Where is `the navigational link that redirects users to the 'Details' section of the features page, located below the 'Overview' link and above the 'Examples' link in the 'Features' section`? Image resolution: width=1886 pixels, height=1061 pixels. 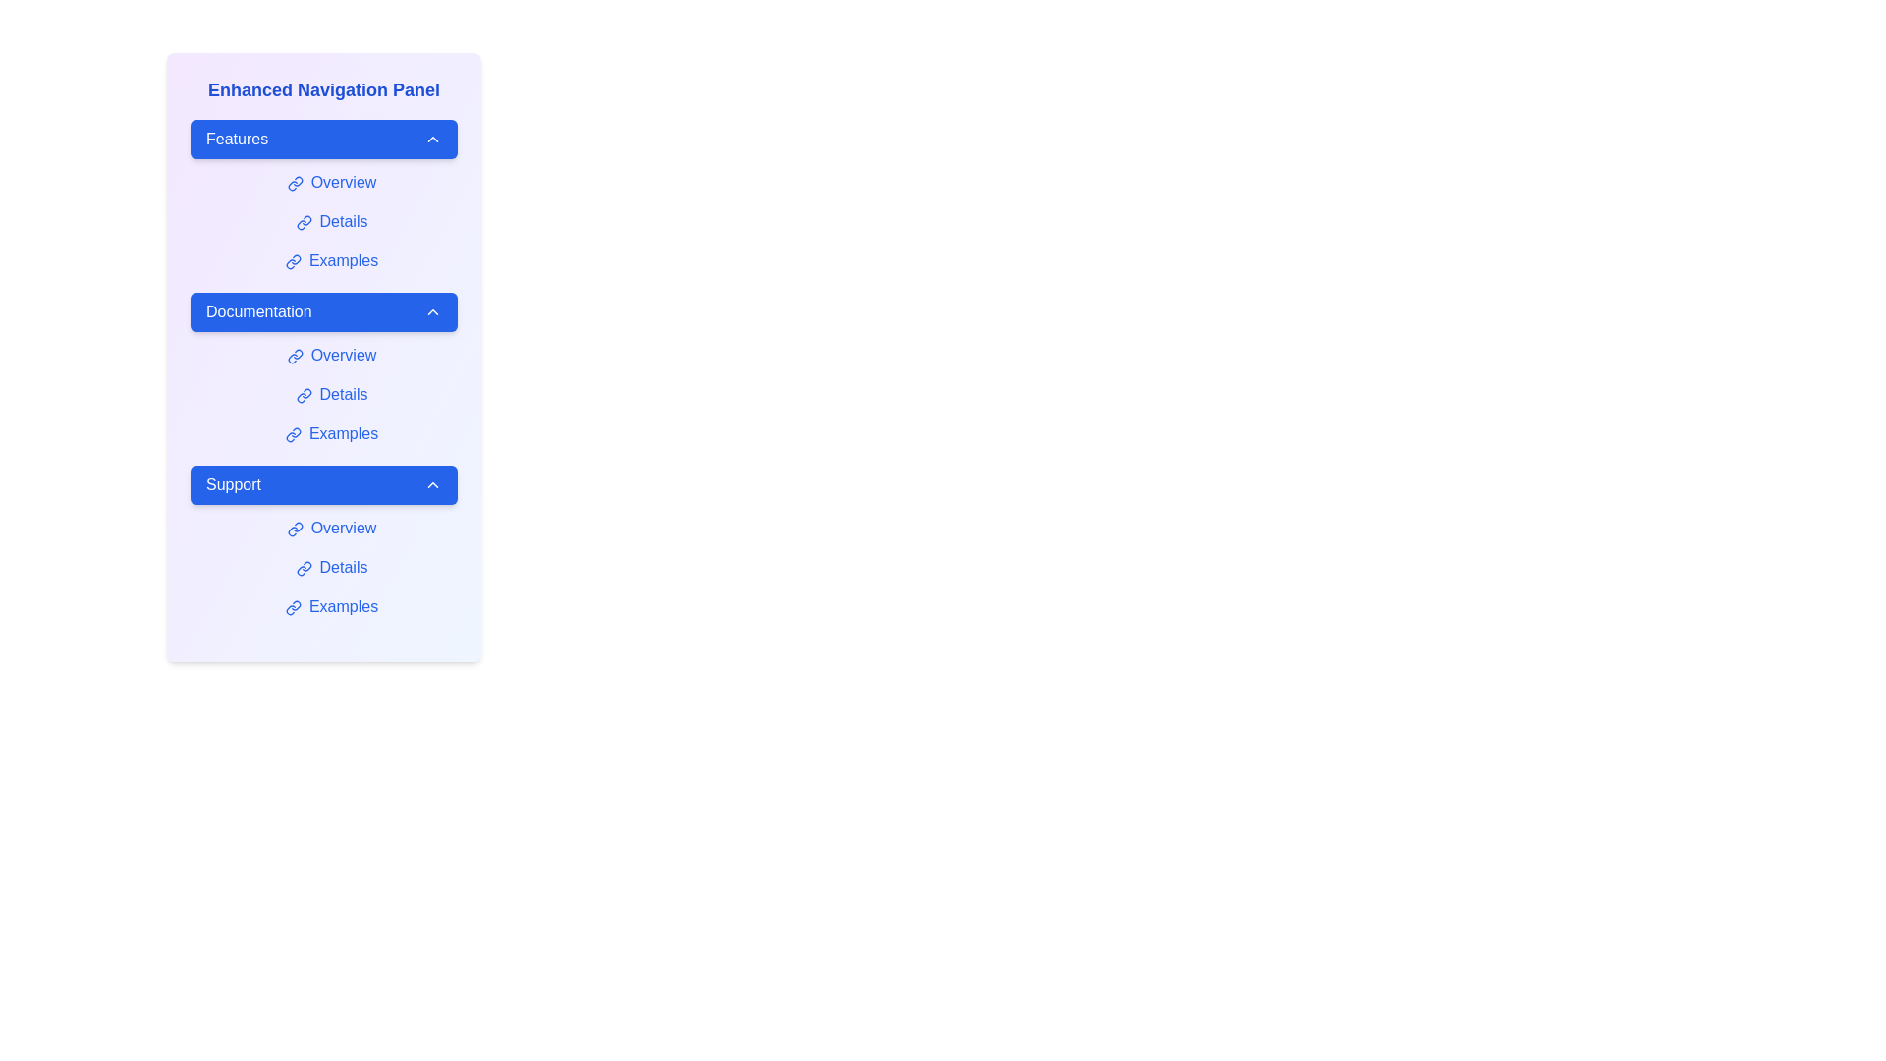 the navigational link that redirects users to the 'Details' section of the features page, located below the 'Overview' link and above the 'Examples' link in the 'Features' section is located at coordinates (331, 221).